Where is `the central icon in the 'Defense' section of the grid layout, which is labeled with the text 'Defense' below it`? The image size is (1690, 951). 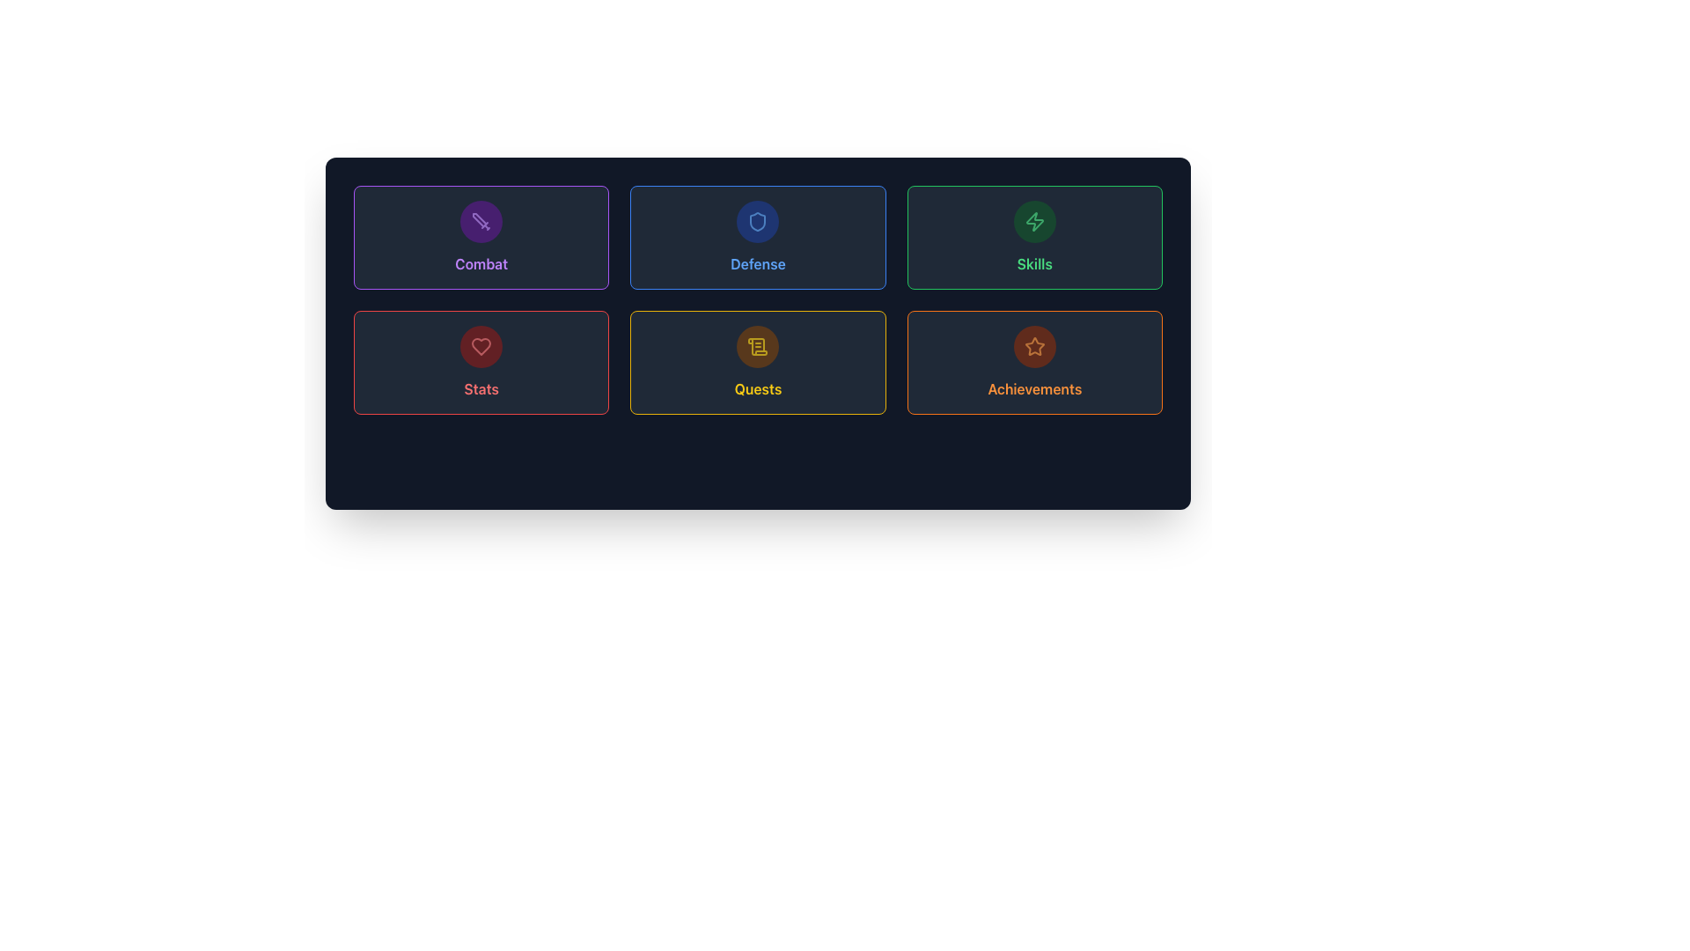
the central icon in the 'Defense' section of the grid layout, which is labeled with the text 'Defense' below it is located at coordinates (758, 220).